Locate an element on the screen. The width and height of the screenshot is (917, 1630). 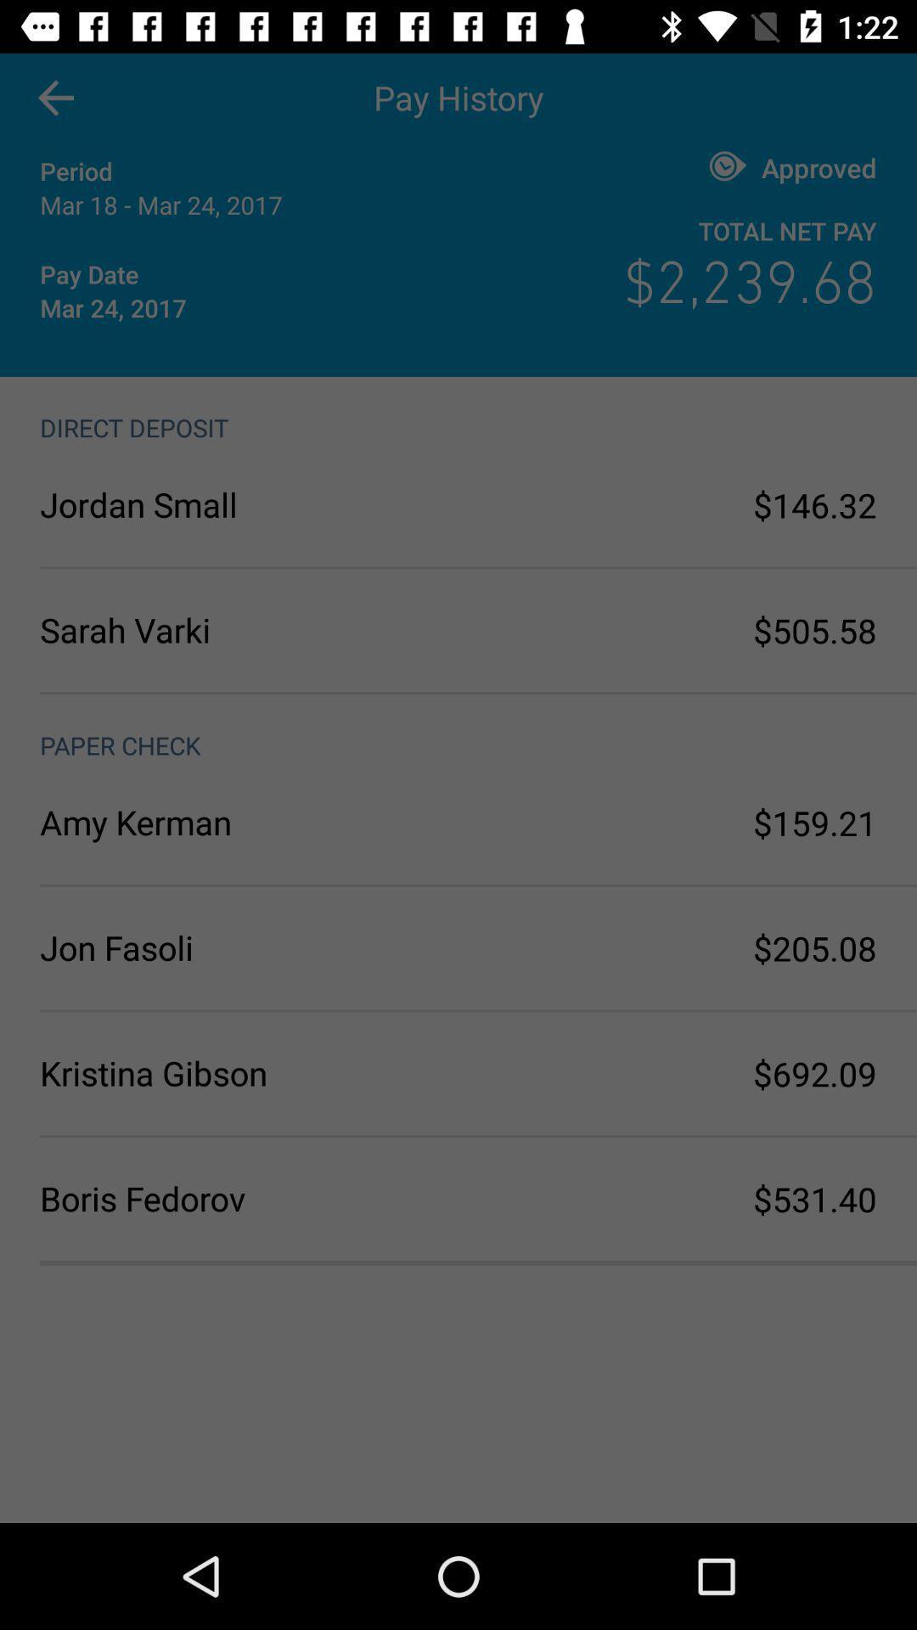
item above paper check icon is located at coordinates (249, 629).